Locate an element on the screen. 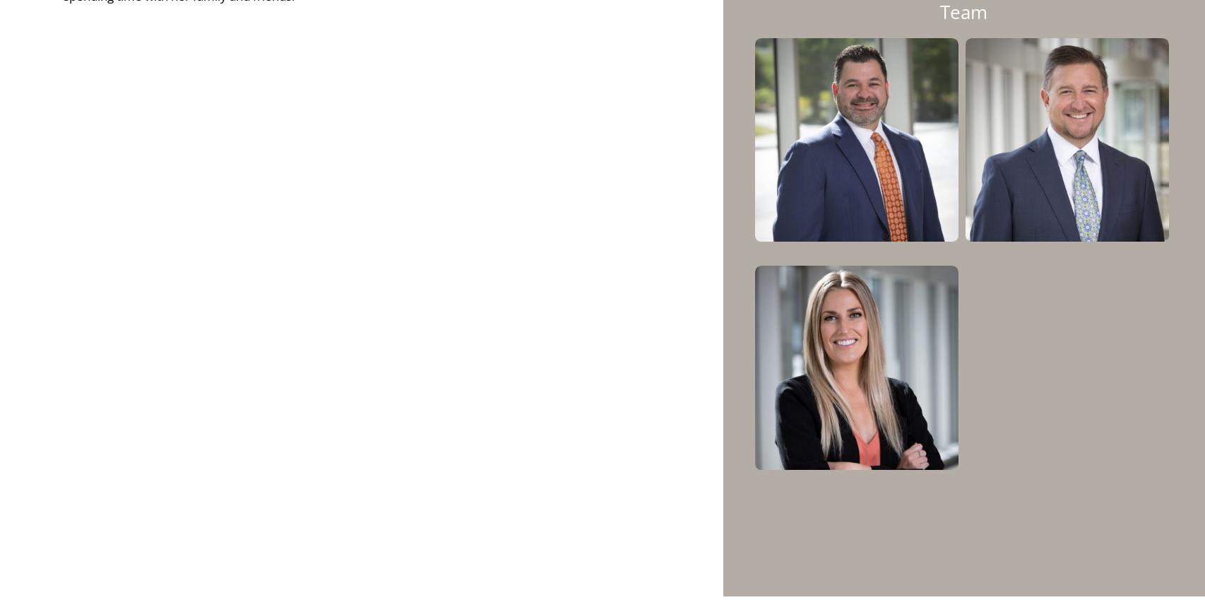 The width and height of the screenshot is (1205, 607). 'InvestmentNews' is located at coordinates (533, 294).